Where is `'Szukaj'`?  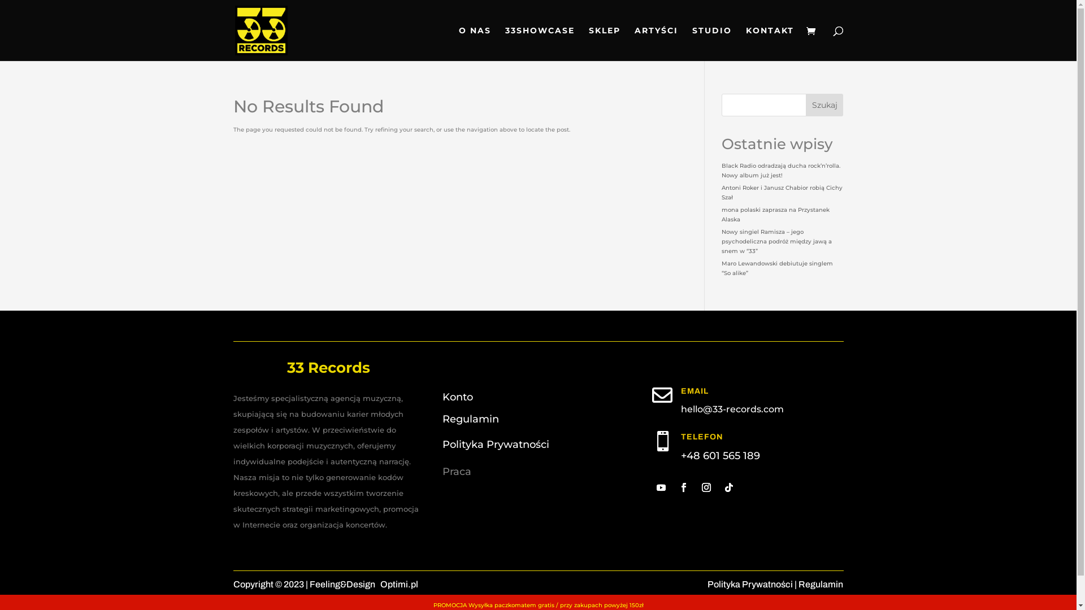
'Szukaj' is located at coordinates (824, 104).